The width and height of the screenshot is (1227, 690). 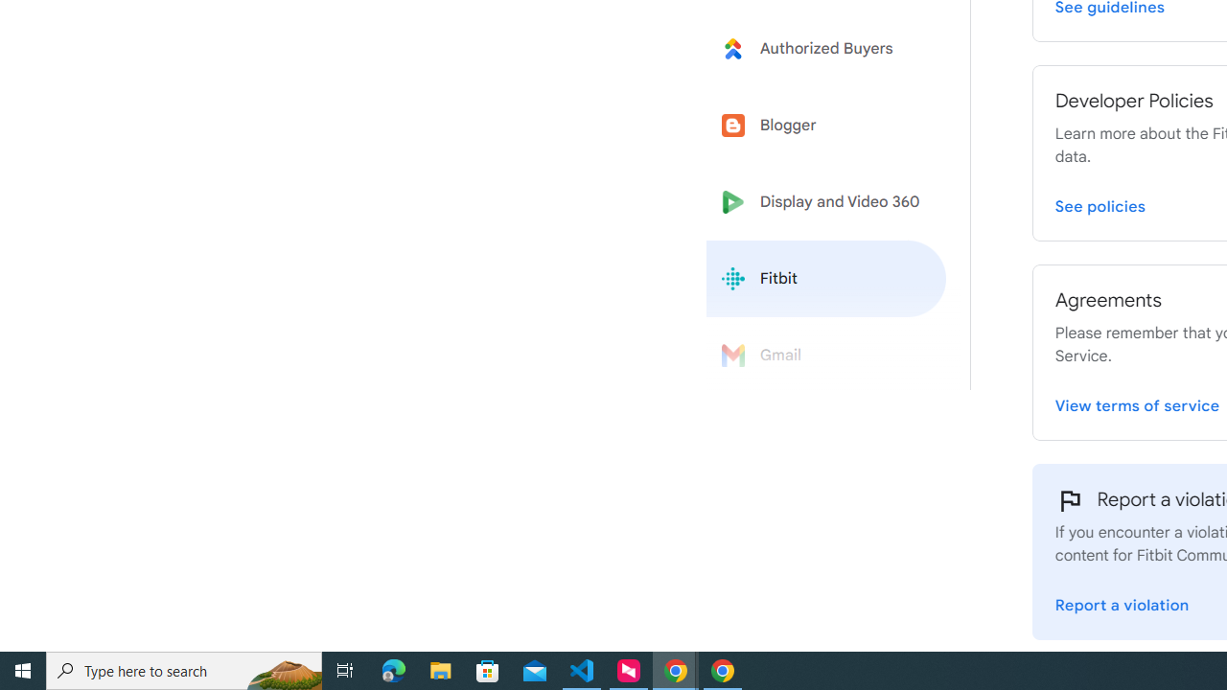 What do you see at coordinates (826, 126) in the screenshot?
I see `'Blogger'` at bounding box center [826, 126].